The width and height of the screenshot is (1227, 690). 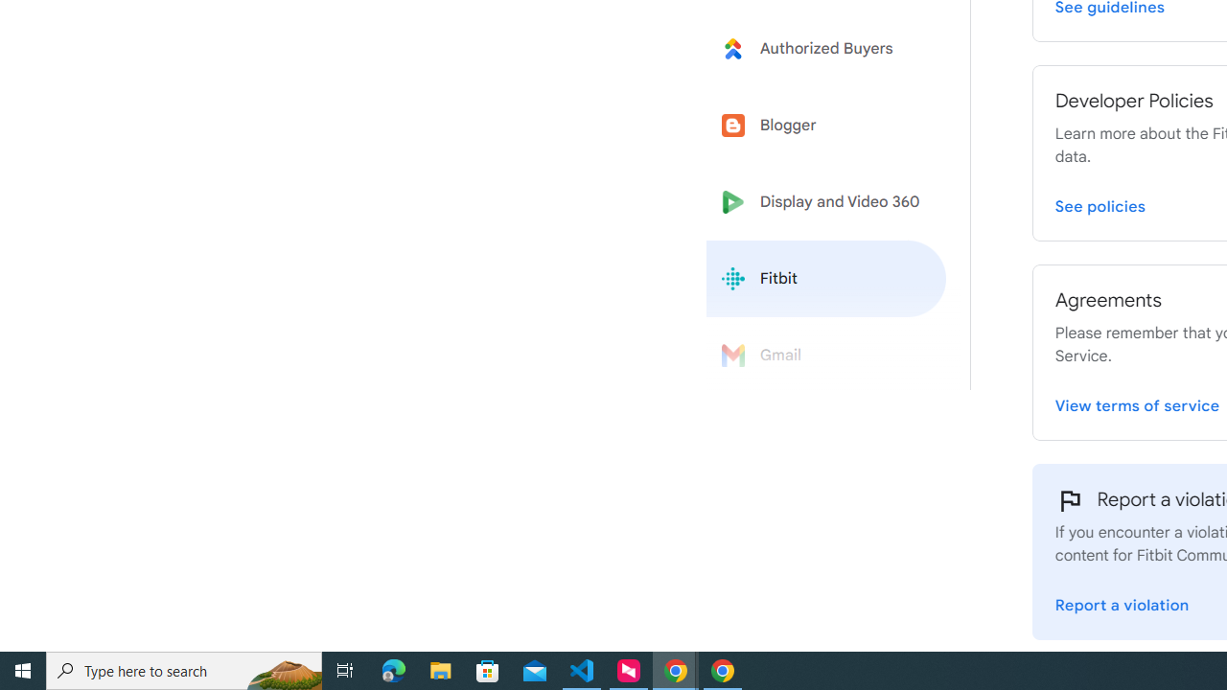 What do you see at coordinates (826, 126) in the screenshot?
I see `'Blogger'` at bounding box center [826, 126].